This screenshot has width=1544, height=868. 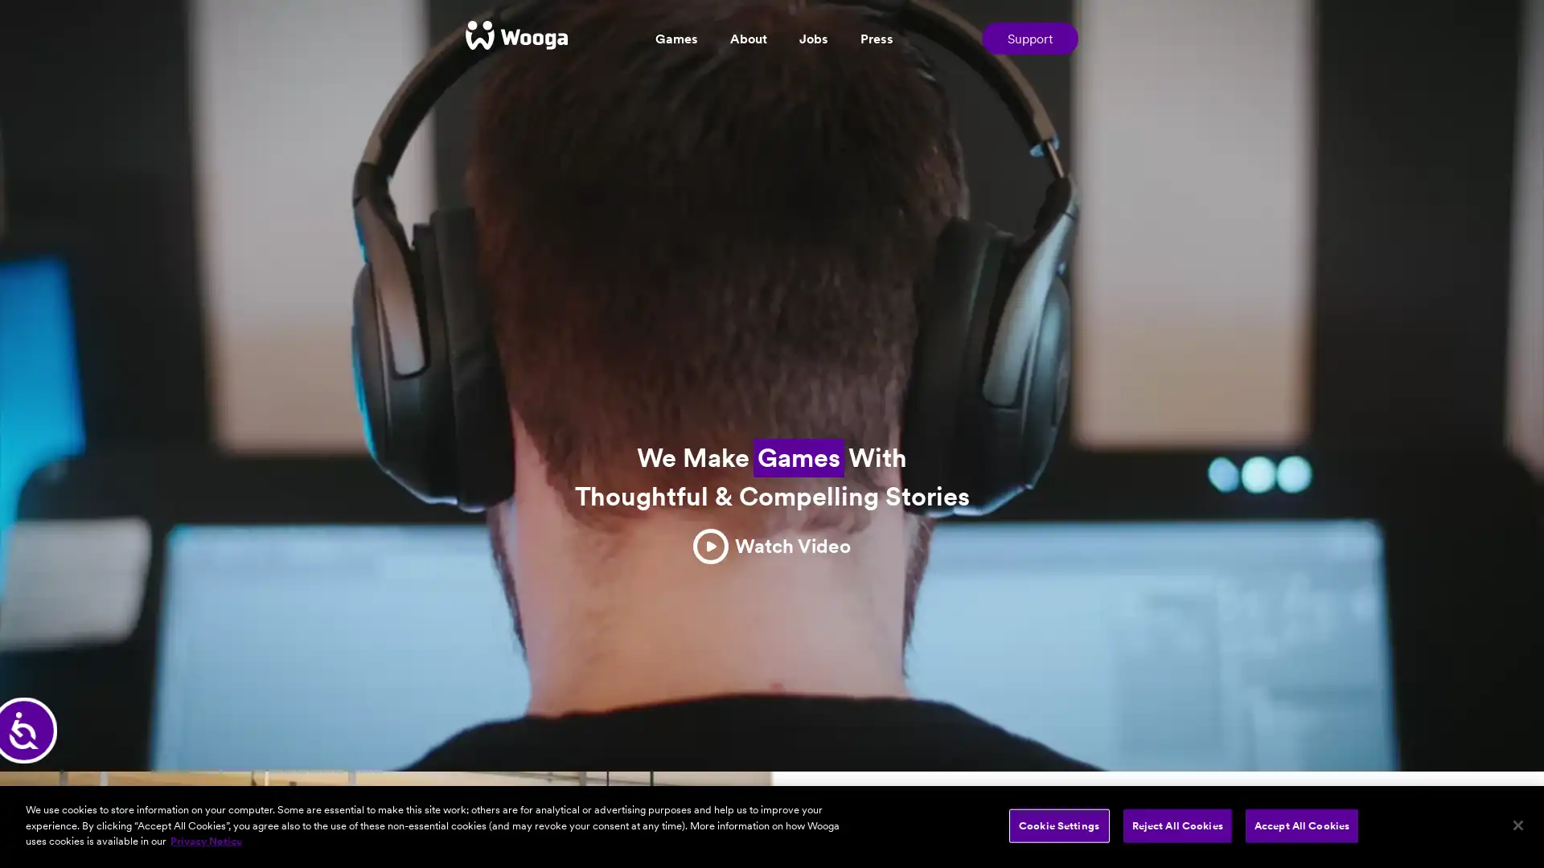 What do you see at coordinates (1058, 825) in the screenshot?
I see `Cookie Settings` at bounding box center [1058, 825].